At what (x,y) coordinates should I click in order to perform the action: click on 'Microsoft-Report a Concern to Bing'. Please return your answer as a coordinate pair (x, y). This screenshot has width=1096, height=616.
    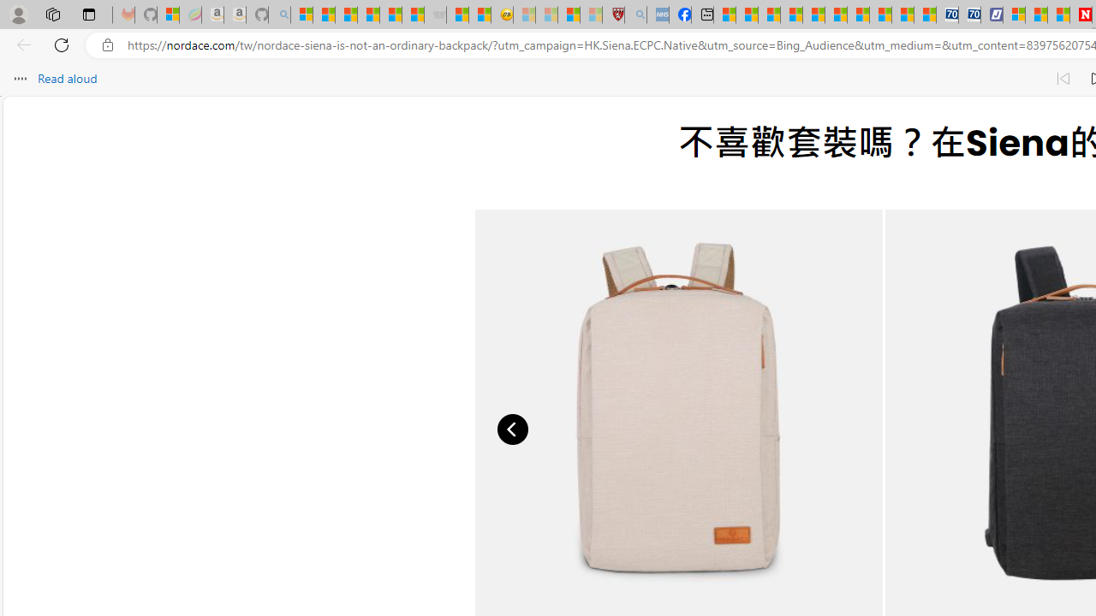
    Looking at the image, I should click on (168, 15).